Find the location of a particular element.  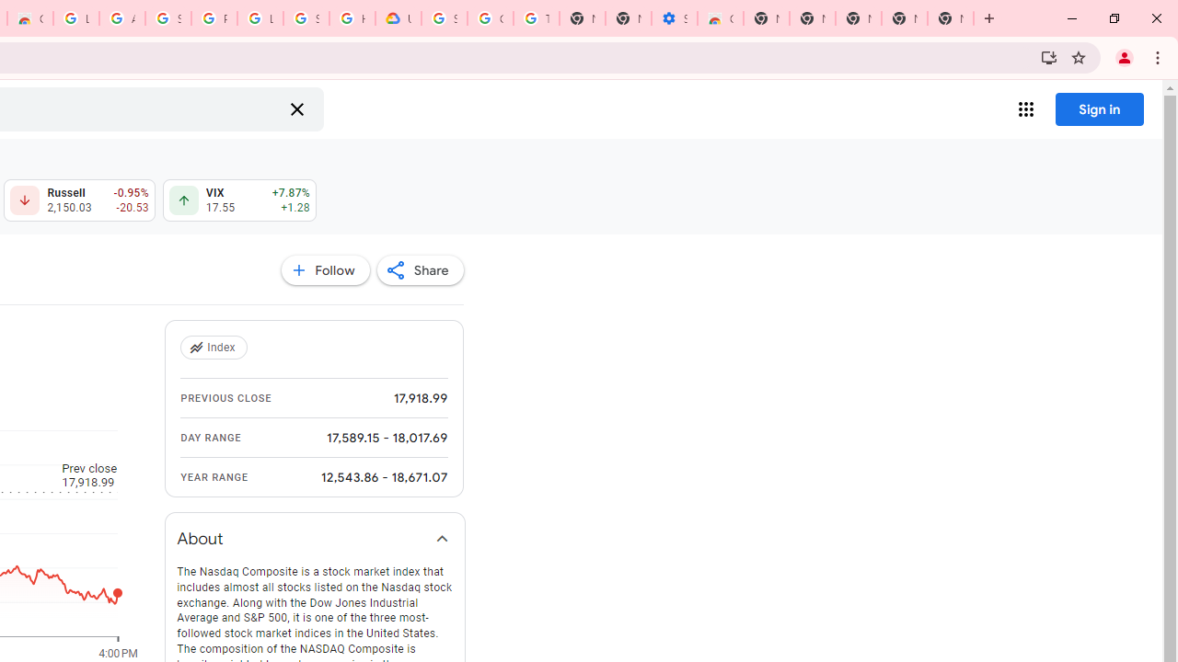

'Ad Settings' is located at coordinates (121, 18).